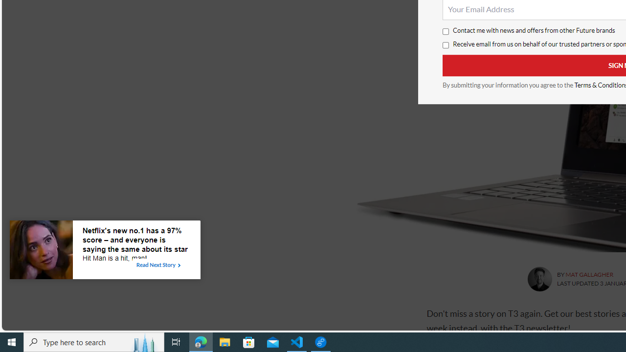 The height and width of the screenshot is (352, 626). Describe the element at coordinates (539, 279) in the screenshot. I see `'Mat Gallagher'` at that location.